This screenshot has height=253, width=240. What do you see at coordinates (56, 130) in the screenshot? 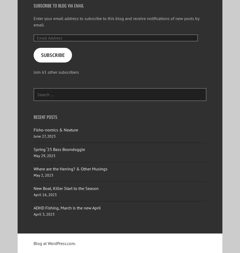
I see `'Fisho-nomics & Neature'` at bounding box center [56, 130].